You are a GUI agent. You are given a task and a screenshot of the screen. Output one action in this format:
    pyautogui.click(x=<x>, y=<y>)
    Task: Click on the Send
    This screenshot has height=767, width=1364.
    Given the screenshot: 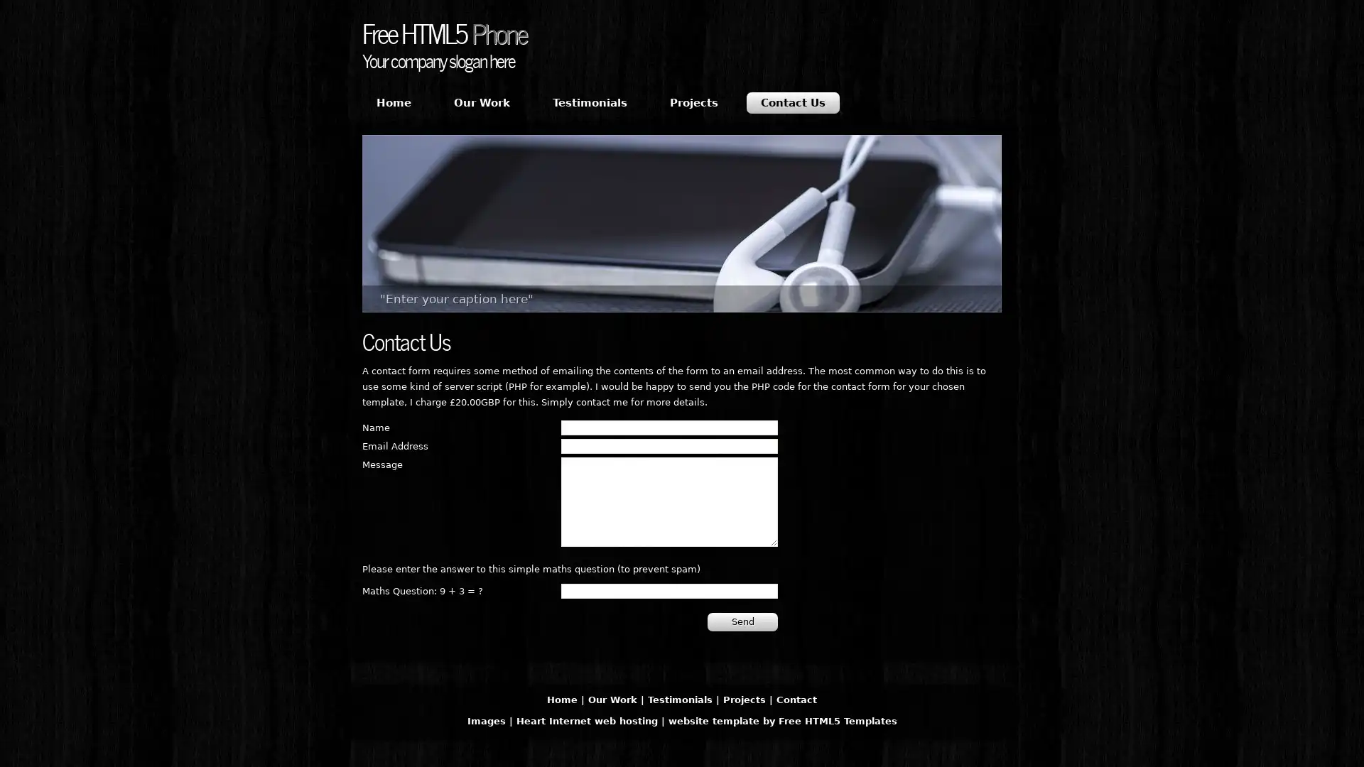 What is the action you would take?
    pyautogui.click(x=742, y=621)
    